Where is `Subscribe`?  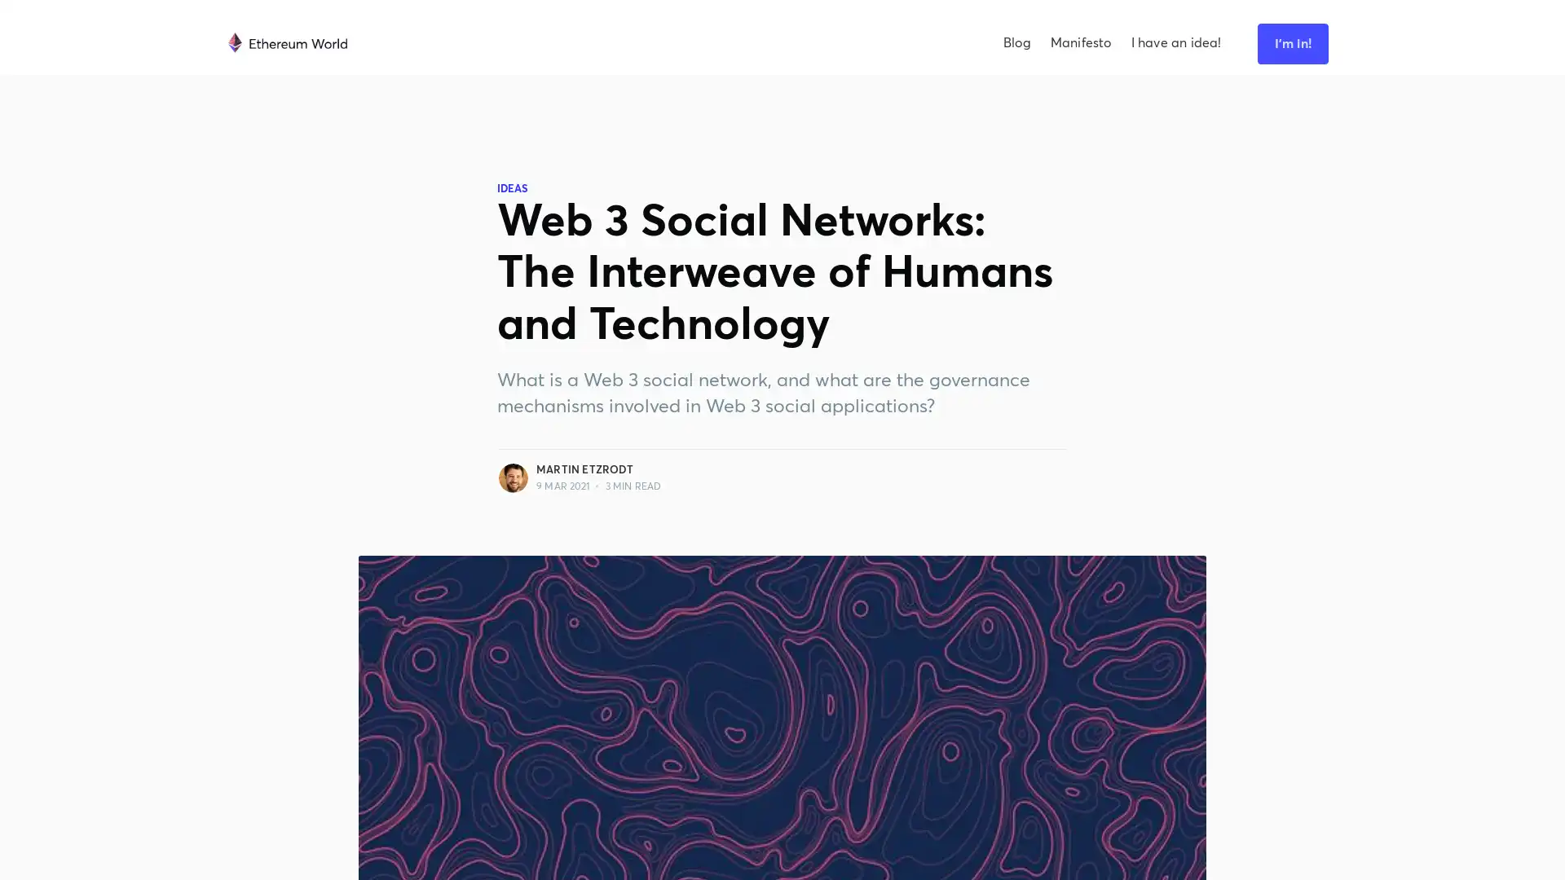 Subscribe is located at coordinates (951, 462).